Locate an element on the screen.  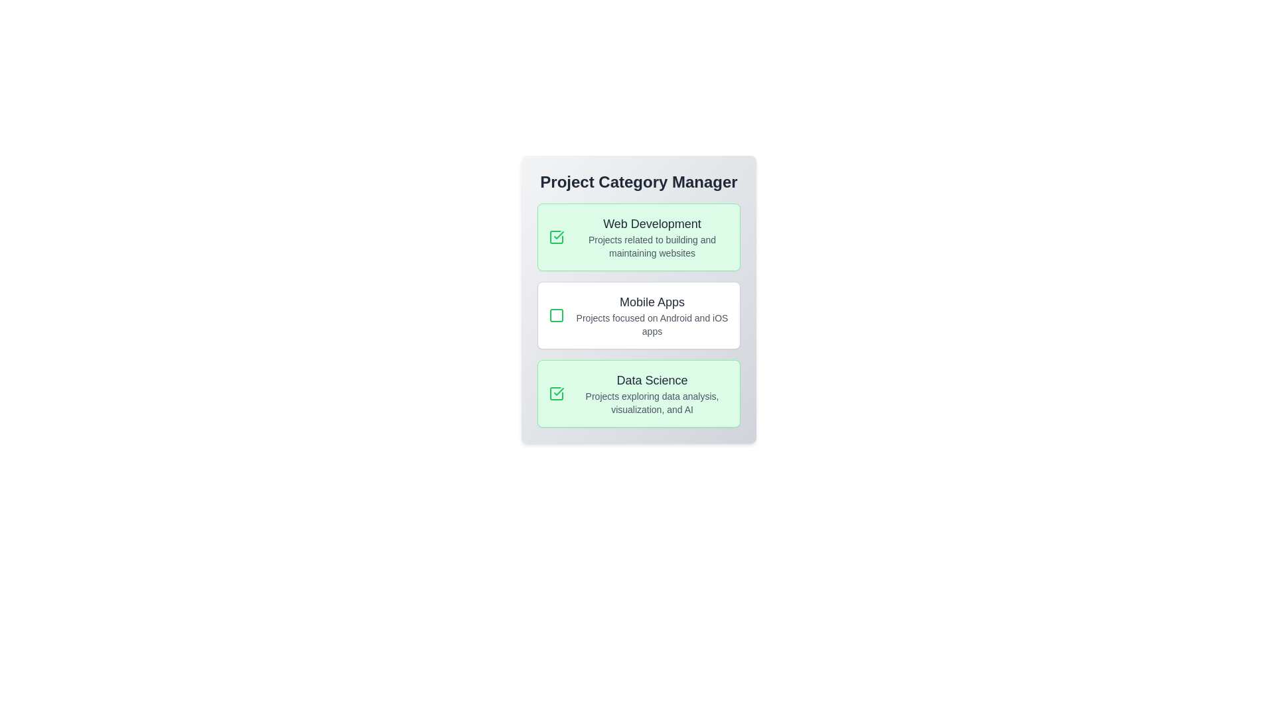
the checkbox indicating the selected state within the SVG icon of class 'lucide lucide-square-check-big', which is positioned below the 'Web Development' text is located at coordinates (559, 234).